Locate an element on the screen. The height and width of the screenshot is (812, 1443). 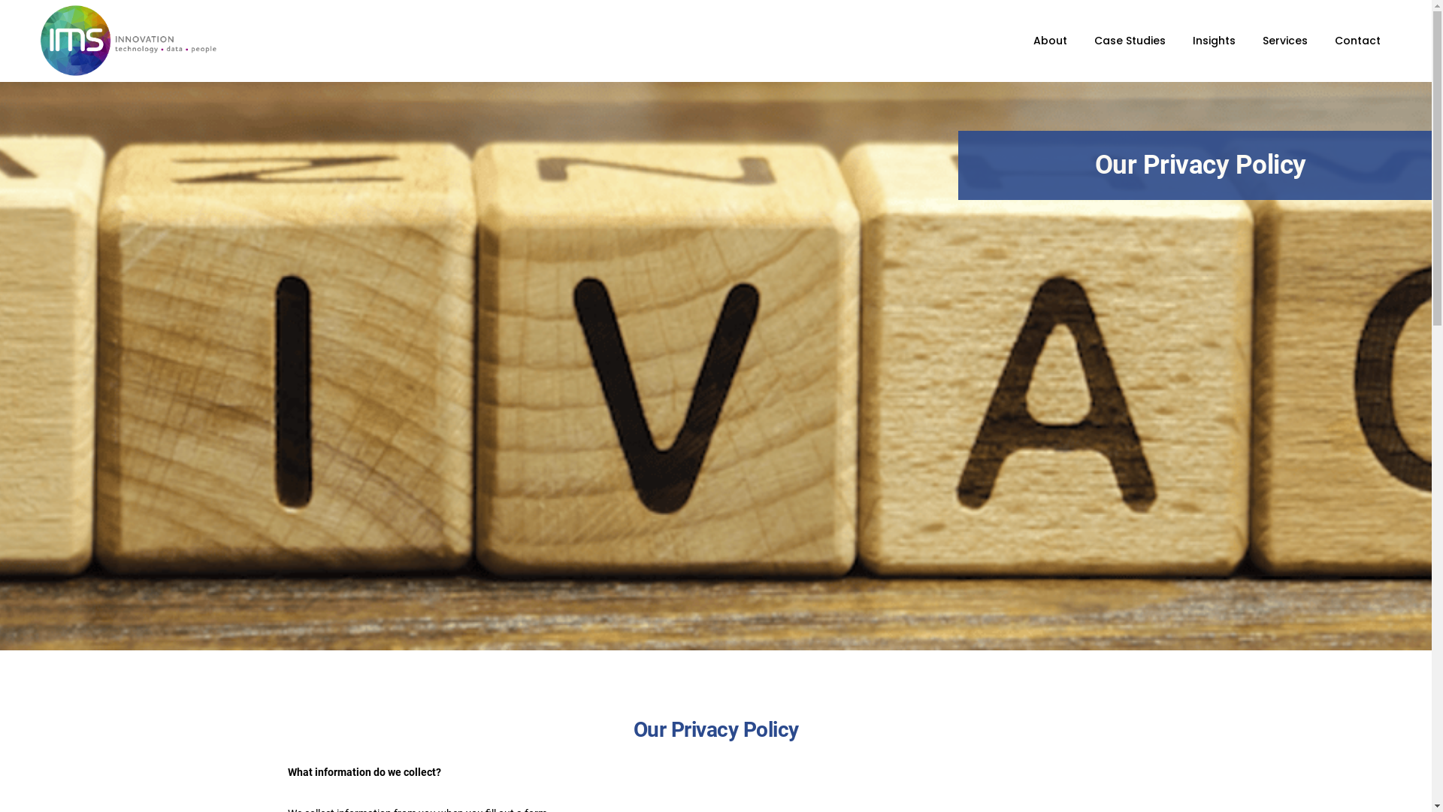
'Case Studies' is located at coordinates (1130, 40).